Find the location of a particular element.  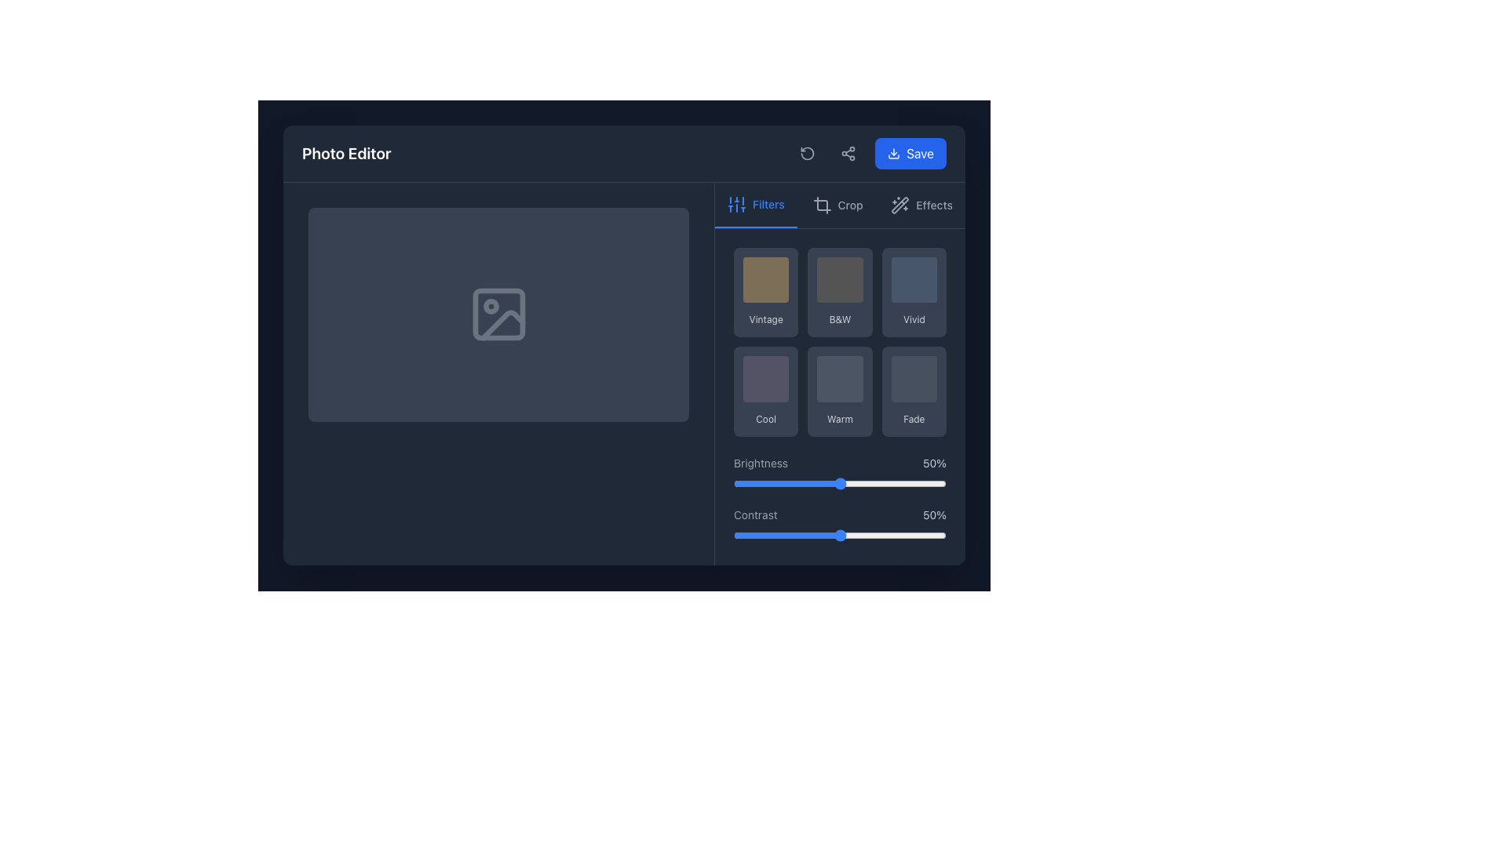

the vintage filter preview element, which is a sepia-toned square block with rounded corners in the first row and first column of the grid layout is located at coordinates (766, 279).